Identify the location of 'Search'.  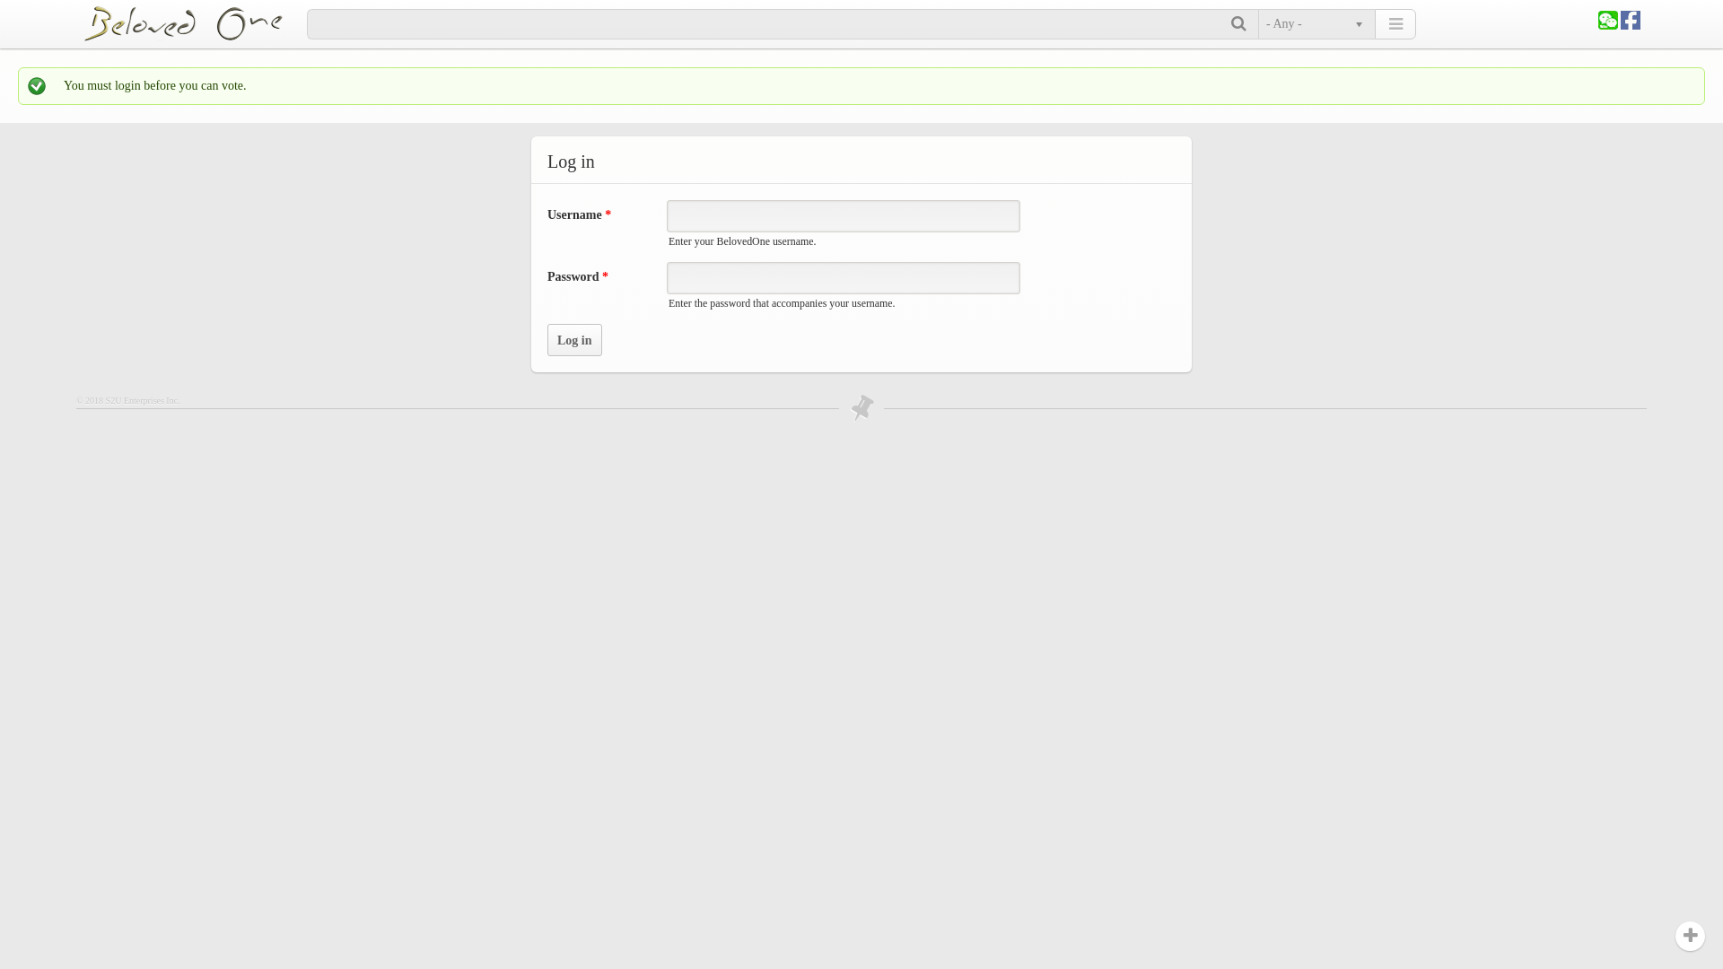
(1239, 24).